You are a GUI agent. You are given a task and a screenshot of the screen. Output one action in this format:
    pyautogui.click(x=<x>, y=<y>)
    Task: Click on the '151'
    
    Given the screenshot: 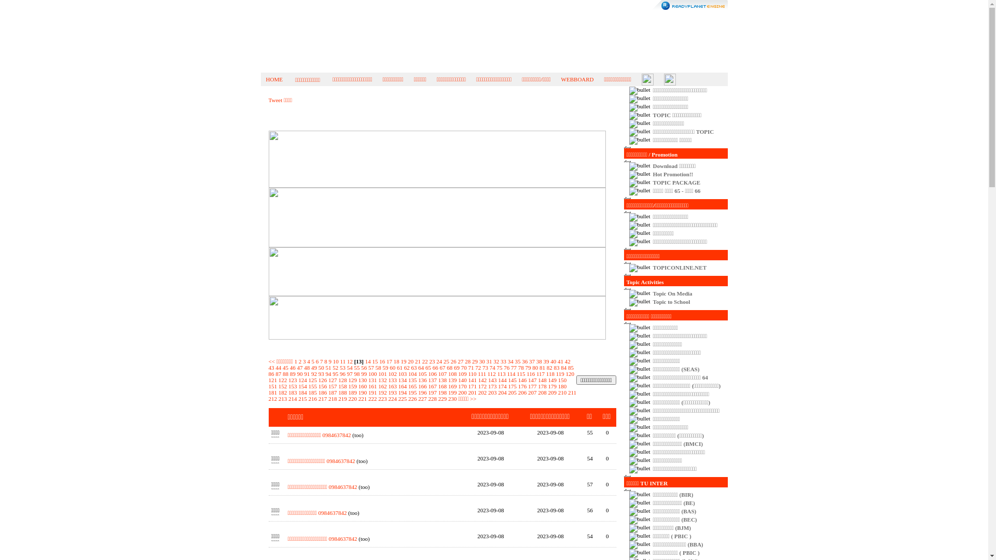 What is the action you would take?
    pyautogui.click(x=273, y=386)
    